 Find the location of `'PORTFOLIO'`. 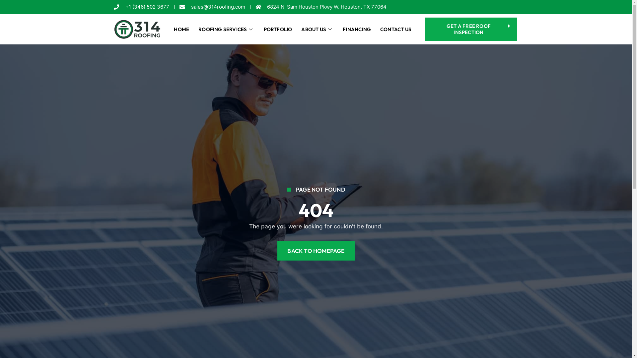

'PORTFOLIO' is located at coordinates (278, 29).